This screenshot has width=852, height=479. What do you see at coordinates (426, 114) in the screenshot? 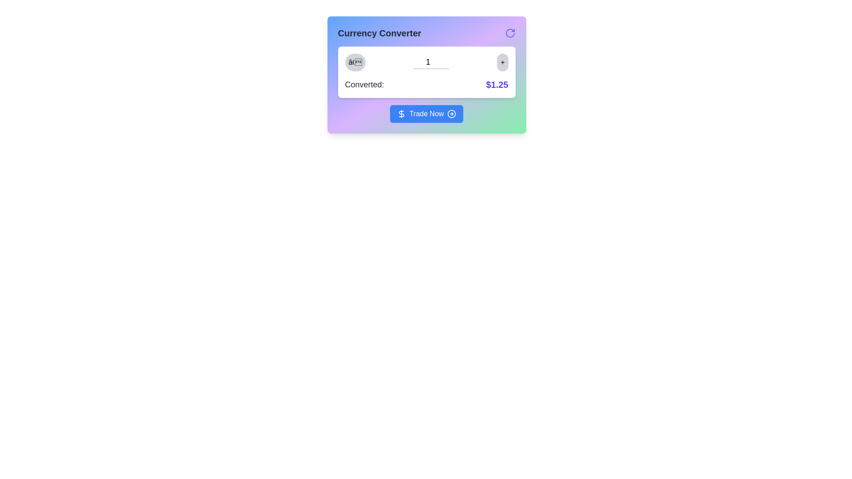
I see `the trading initiation button located in the bottom section of the 'Currency Converter' card` at bounding box center [426, 114].